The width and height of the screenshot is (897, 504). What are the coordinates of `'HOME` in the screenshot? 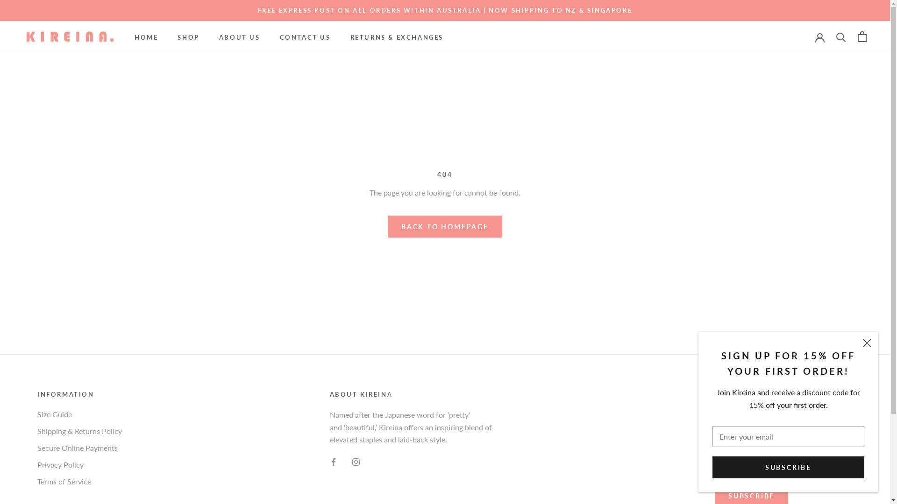 It's located at (145, 37).